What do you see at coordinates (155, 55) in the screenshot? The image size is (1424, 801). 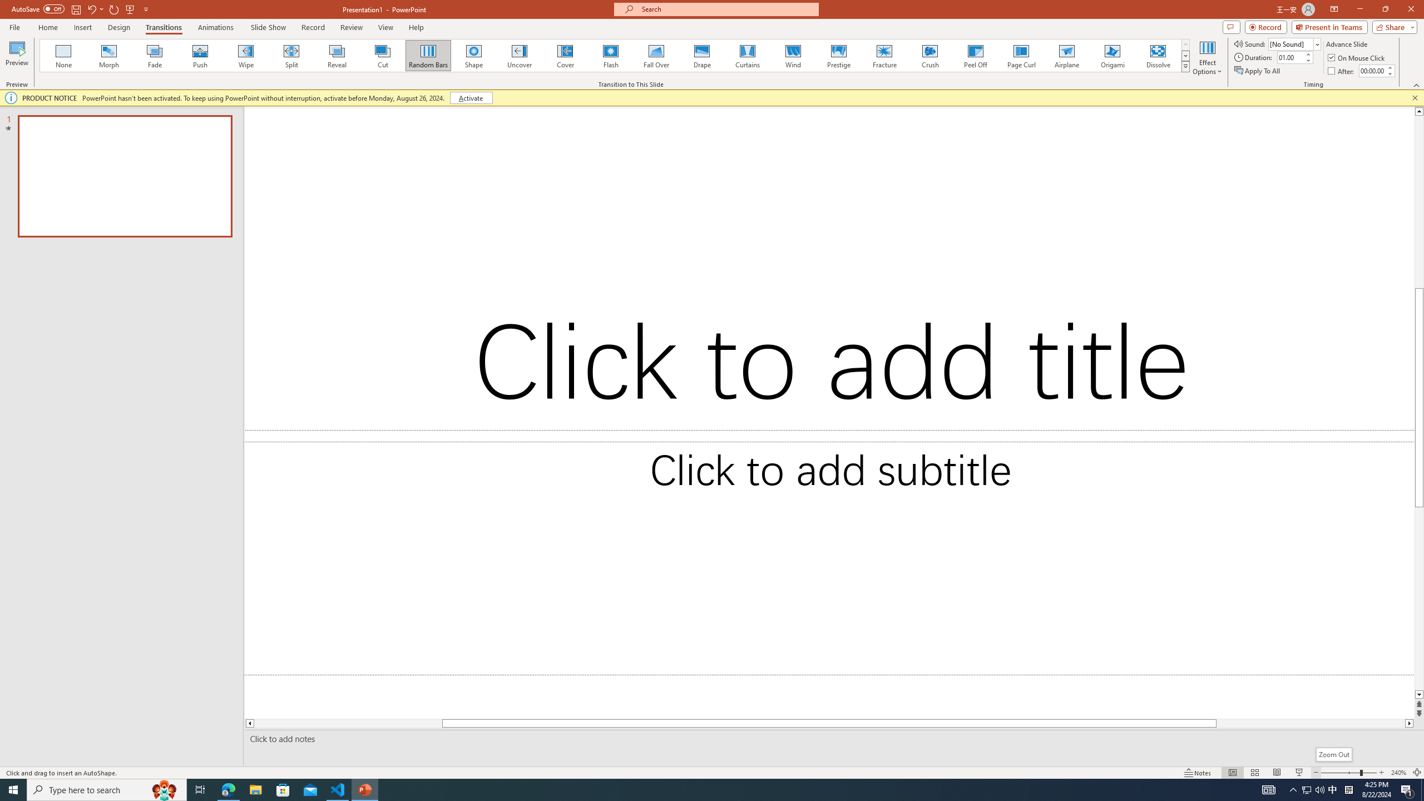 I see `'Fade'` at bounding box center [155, 55].